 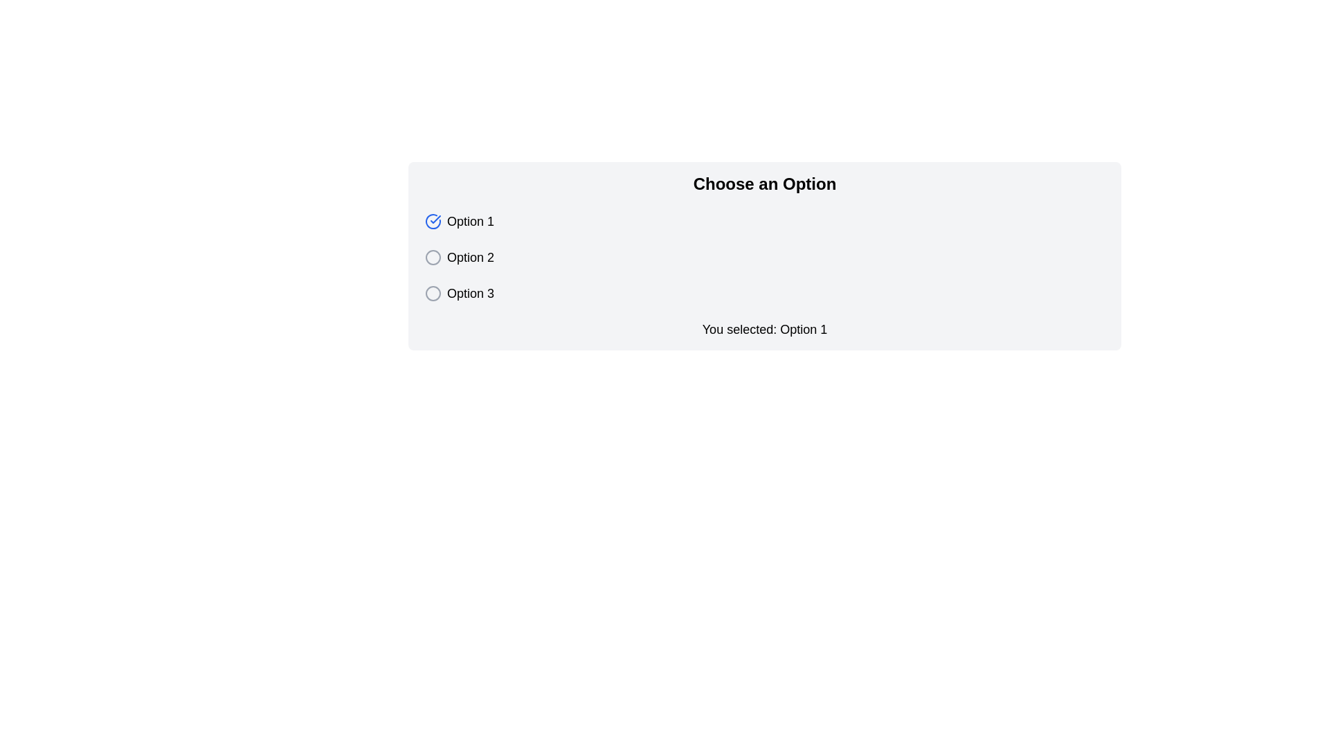 What do you see at coordinates (432, 293) in the screenshot?
I see `the radio button icon next to 'Option 3'` at bounding box center [432, 293].